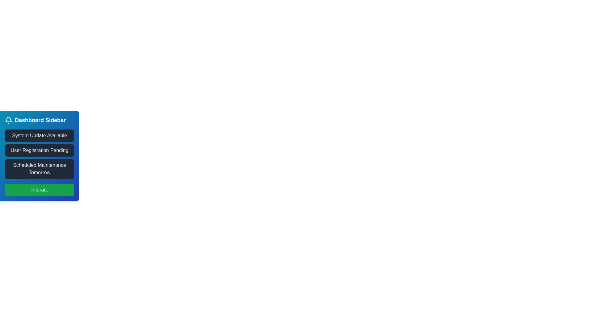 This screenshot has height=333, width=593. Describe the element at coordinates (39, 169) in the screenshot. I see `the notification card labeled 'Scheduled Maintenance Tomorrow' which is positioned in the blue sidebar, below 'System Update Available' and above the 'Interact' button` at that location.